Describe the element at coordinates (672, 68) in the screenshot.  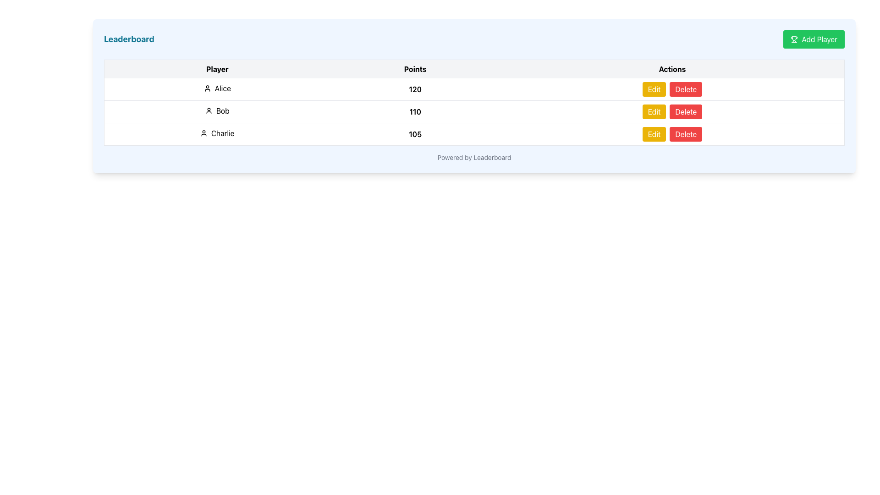
I see `the 'Actions' text label, which is bold and centered in the header row of the table, located on the far right above the functional buttons` at that location.